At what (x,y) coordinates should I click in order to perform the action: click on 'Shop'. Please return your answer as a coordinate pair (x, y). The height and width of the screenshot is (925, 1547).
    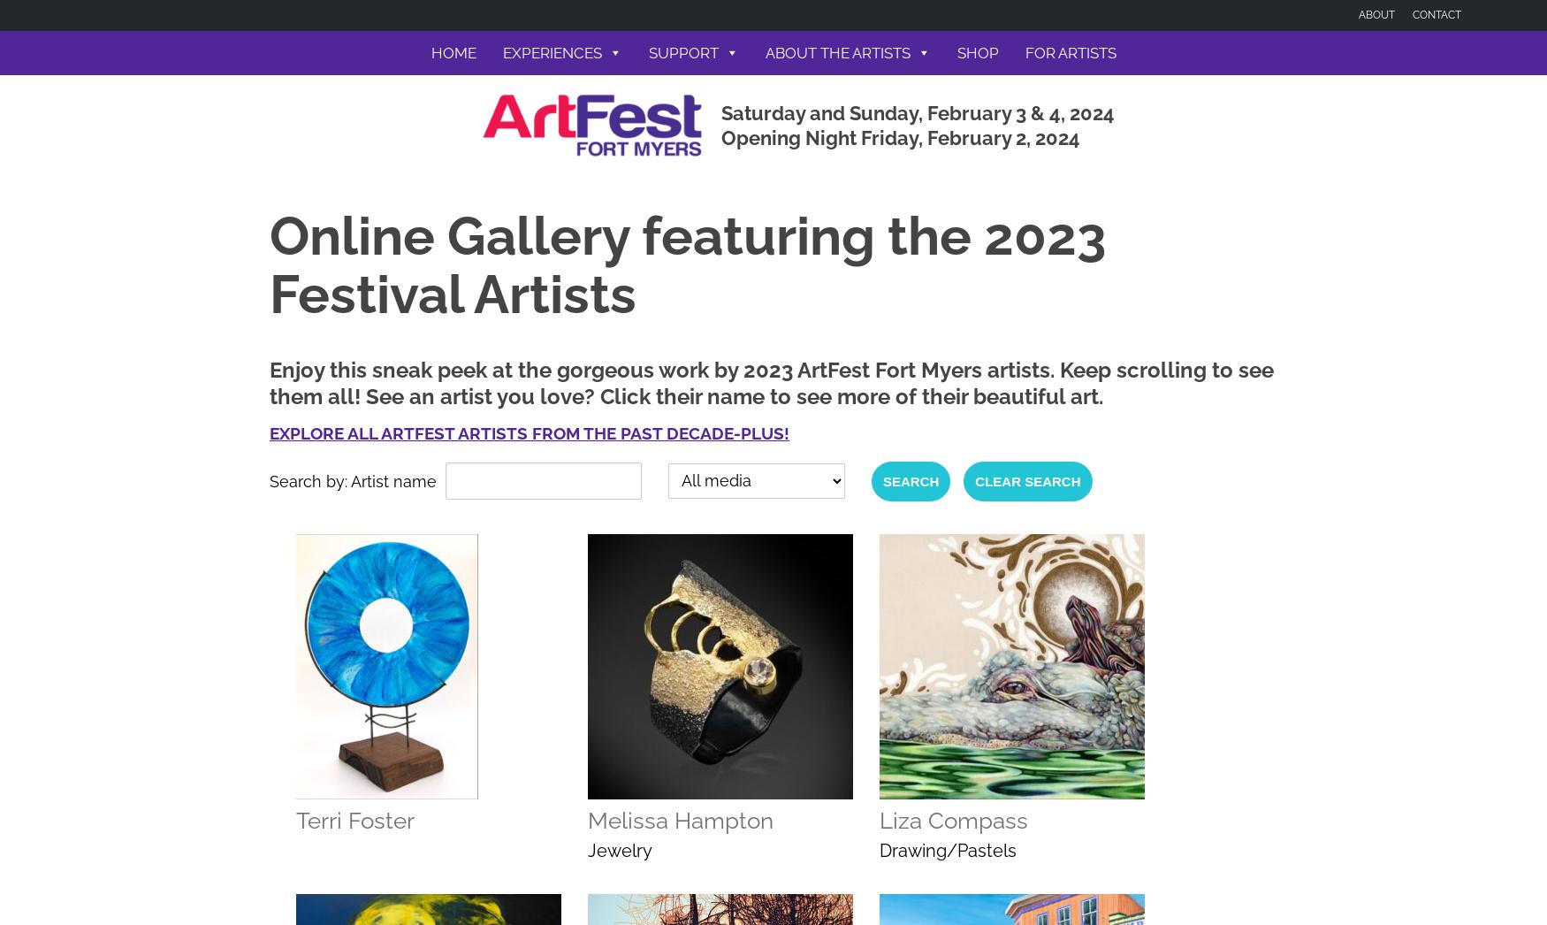
    Looking at the image, I should click on (977, 53).